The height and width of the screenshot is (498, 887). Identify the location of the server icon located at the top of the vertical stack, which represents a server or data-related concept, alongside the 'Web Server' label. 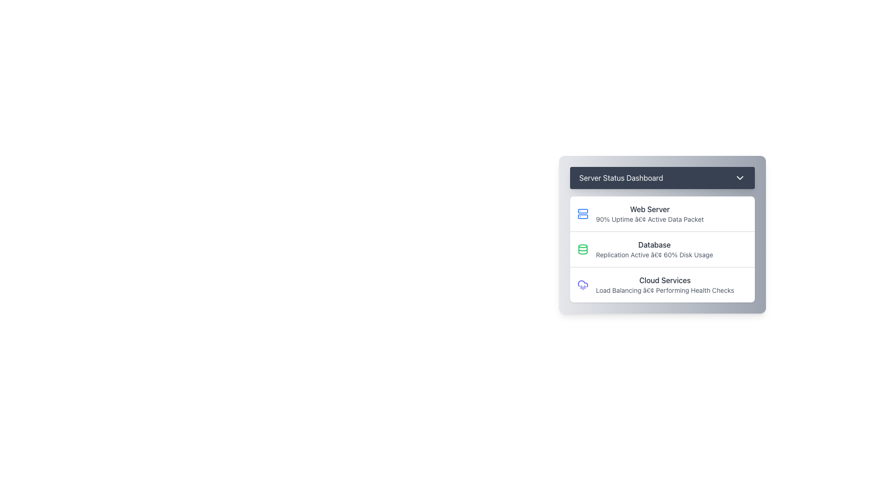
(583, 211).